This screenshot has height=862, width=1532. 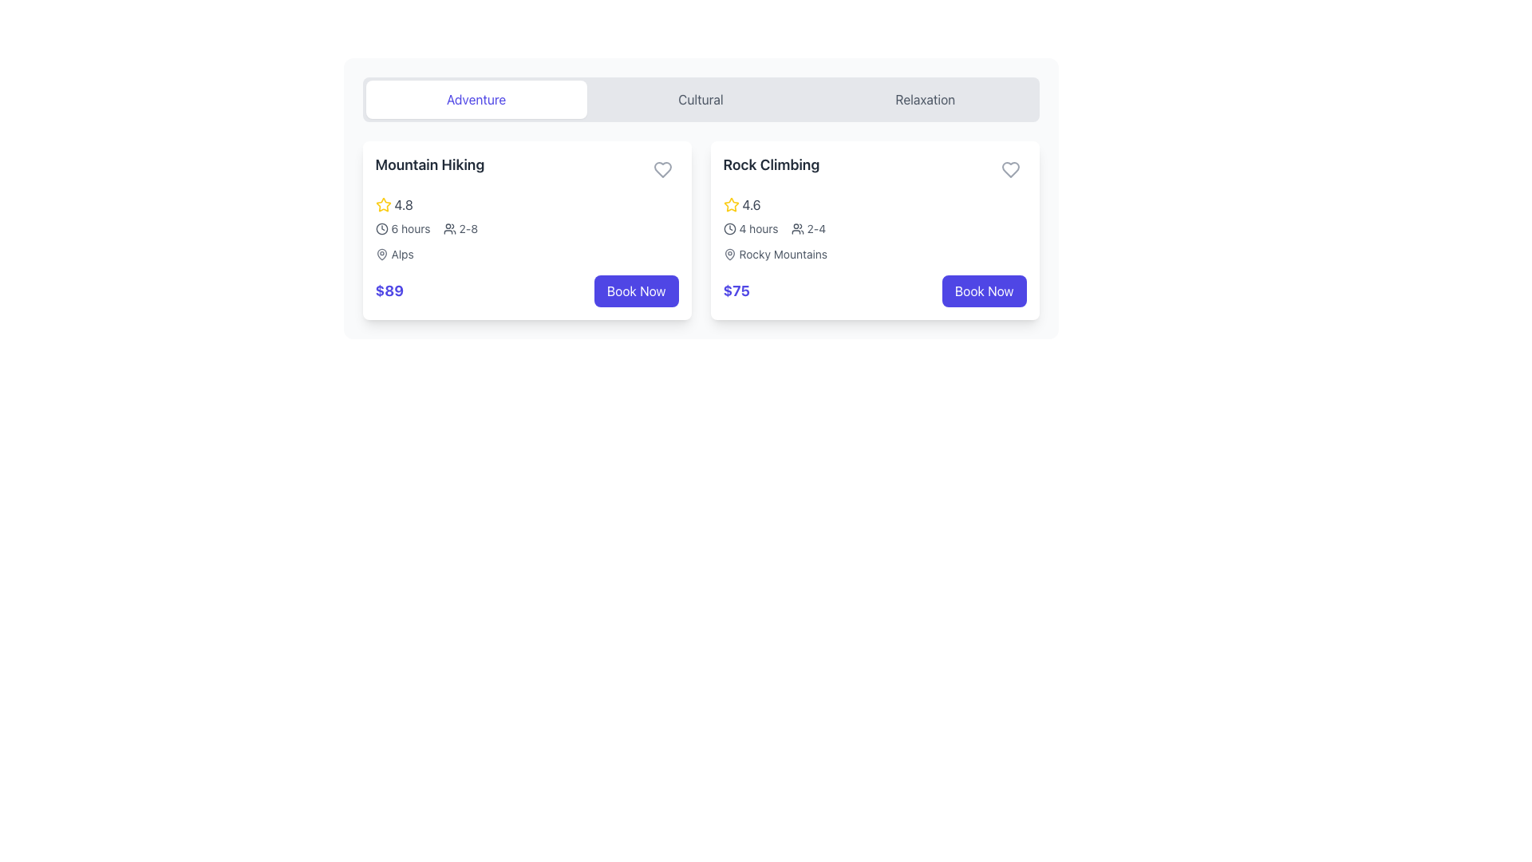 What do you see at coordinates (429, 165) in the screenshot?
I see `the 'Mountain Hiking' label, which is a bold, large, dark gray text label located at the upper-left area of its card grouping` at bounding box center [429, 165].